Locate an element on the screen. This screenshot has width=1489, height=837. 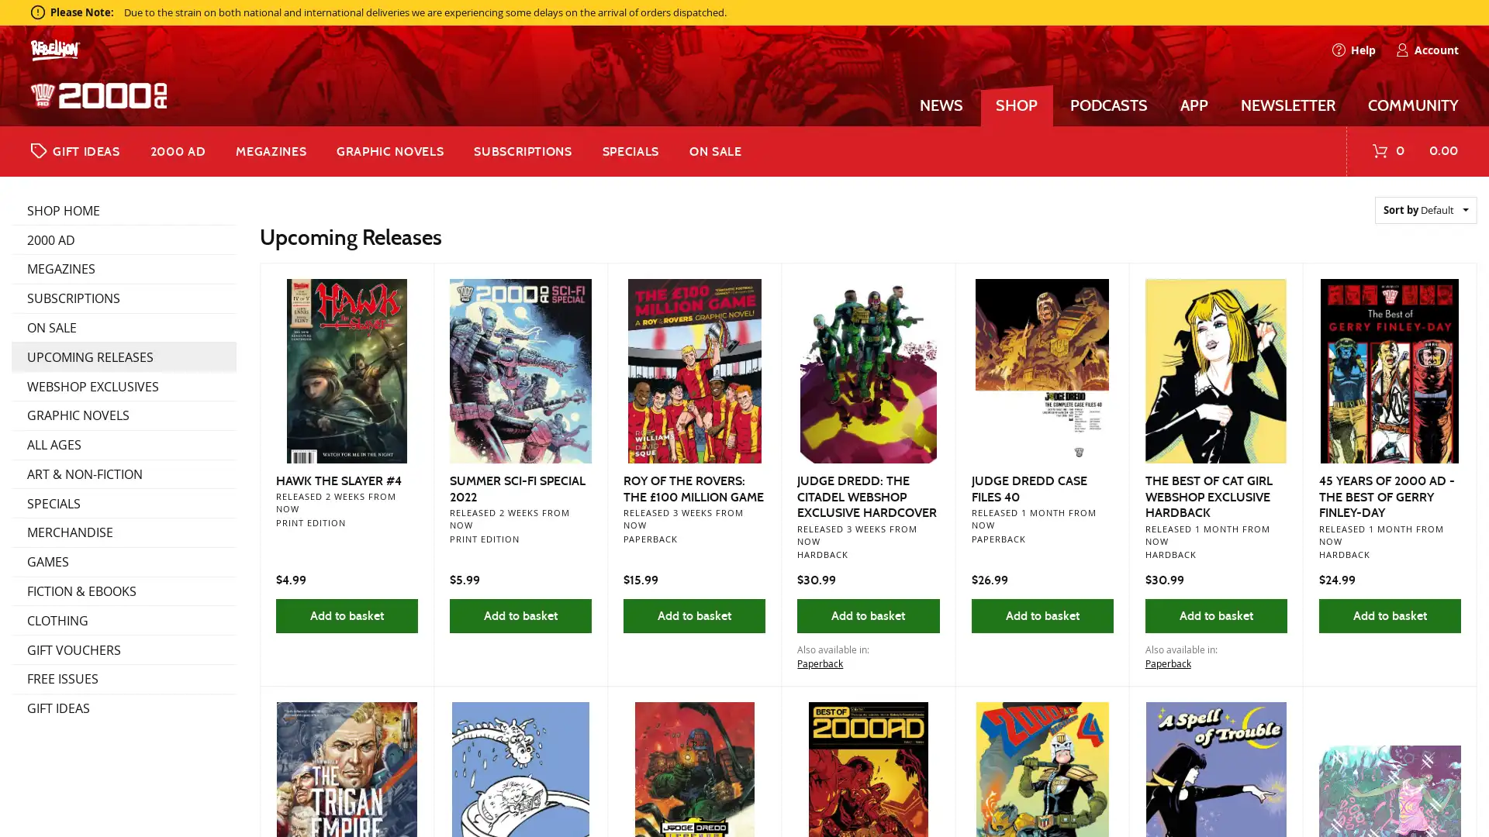
Paperback is located at coordinates (819, 663).